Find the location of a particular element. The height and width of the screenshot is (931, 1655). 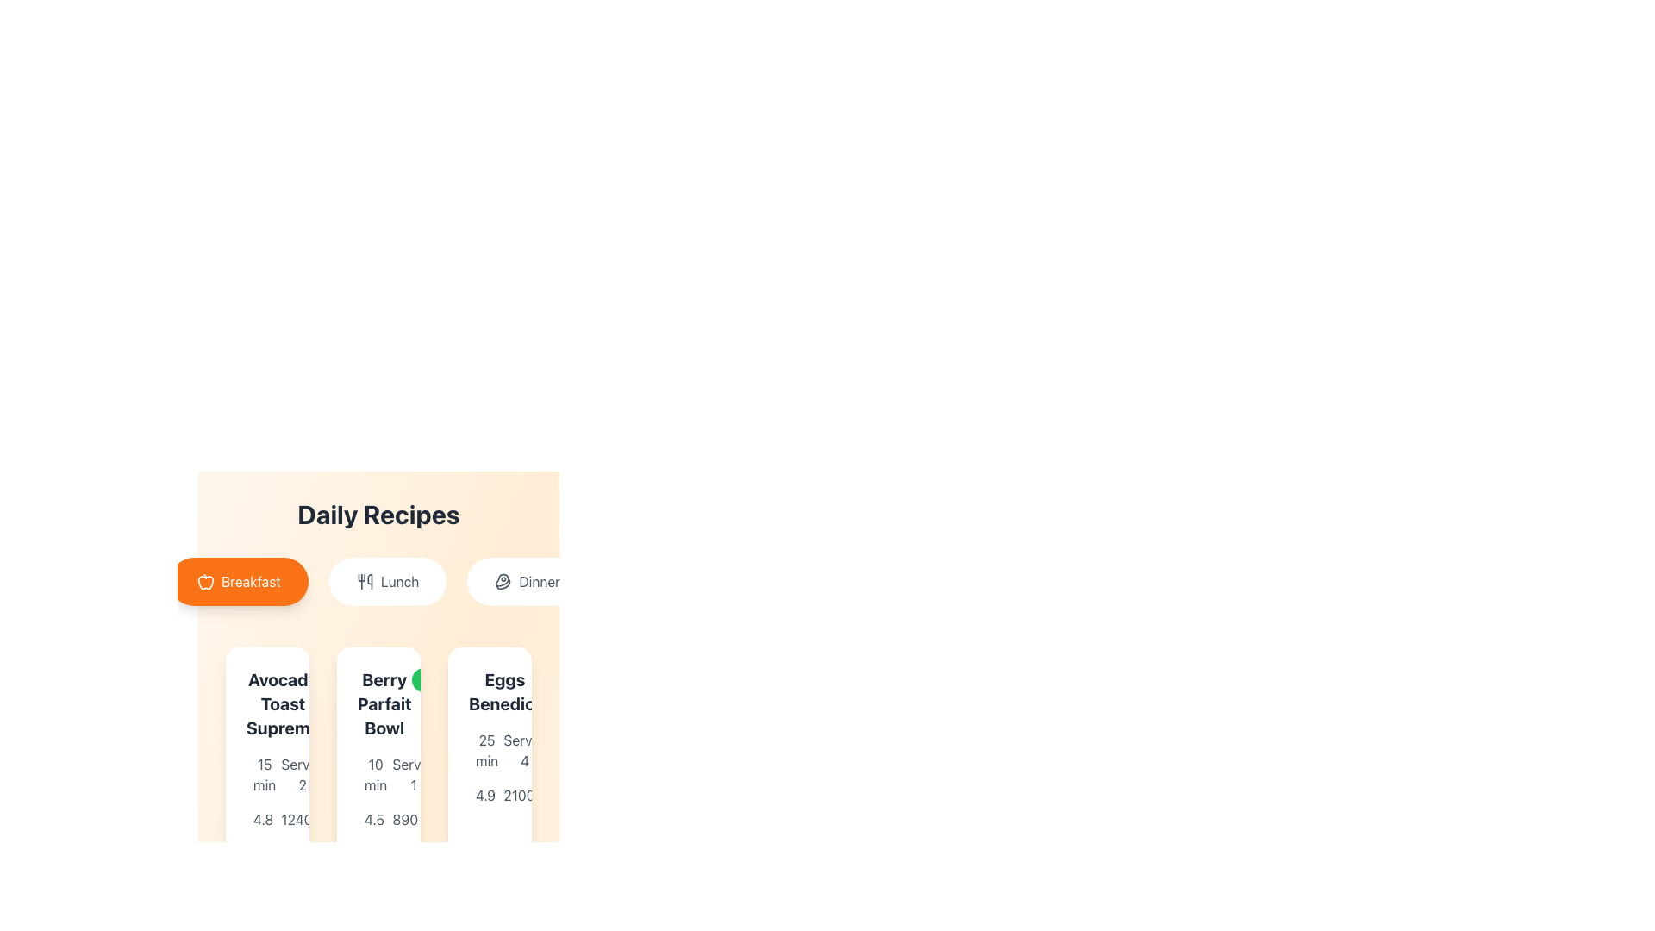

the text element displaying the recipe title 'Eggs Benedict' and its difficulty level 'Medium' in the third recipe card to emphasize it is located at coordinates (489, 690).